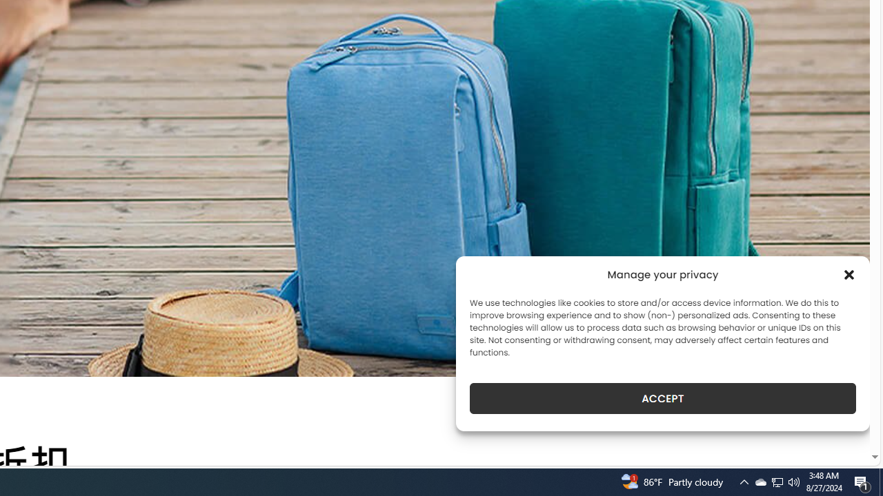 The height and width of the screenshot is (496, 883). Describe the element at coordinates (663, 398) in the screenshot. I see `'ACCEPT'` at that location.